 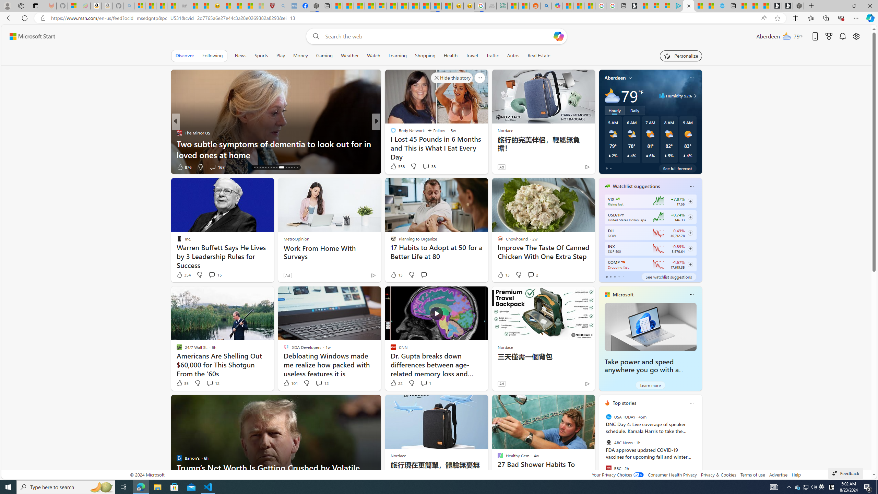 I want to click on 'Traffic', so click(x=492, y=55).